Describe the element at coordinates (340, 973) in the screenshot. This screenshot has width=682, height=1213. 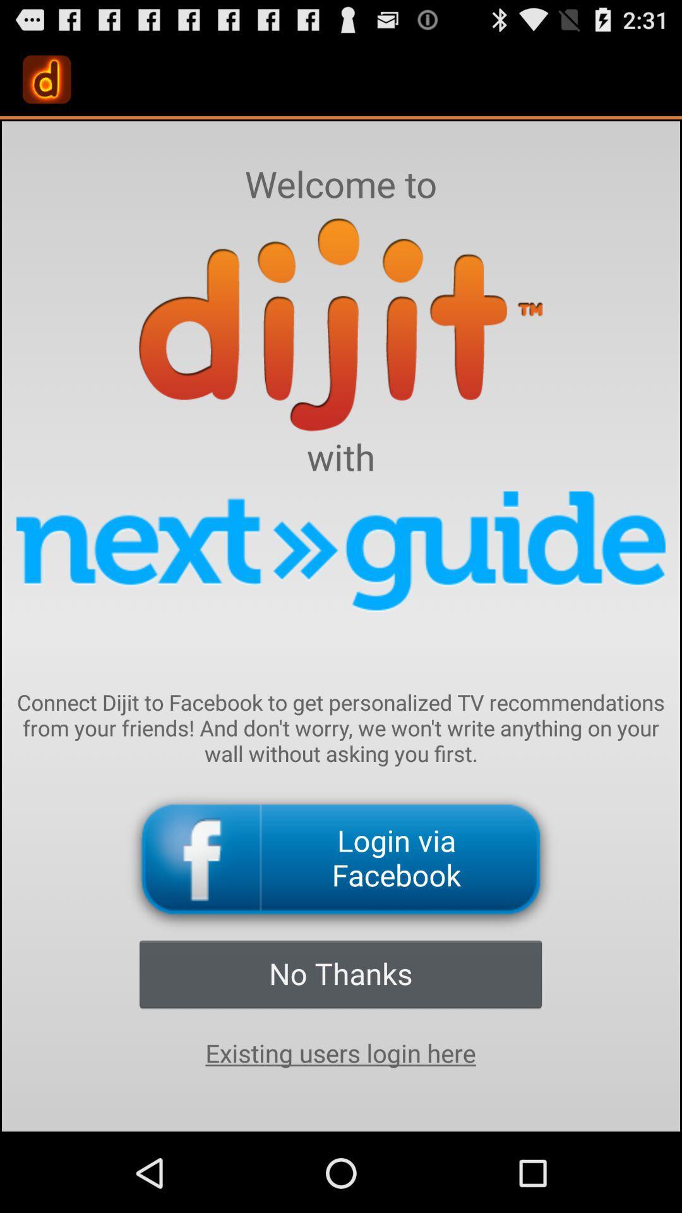
I see `no thanks button` at that location.